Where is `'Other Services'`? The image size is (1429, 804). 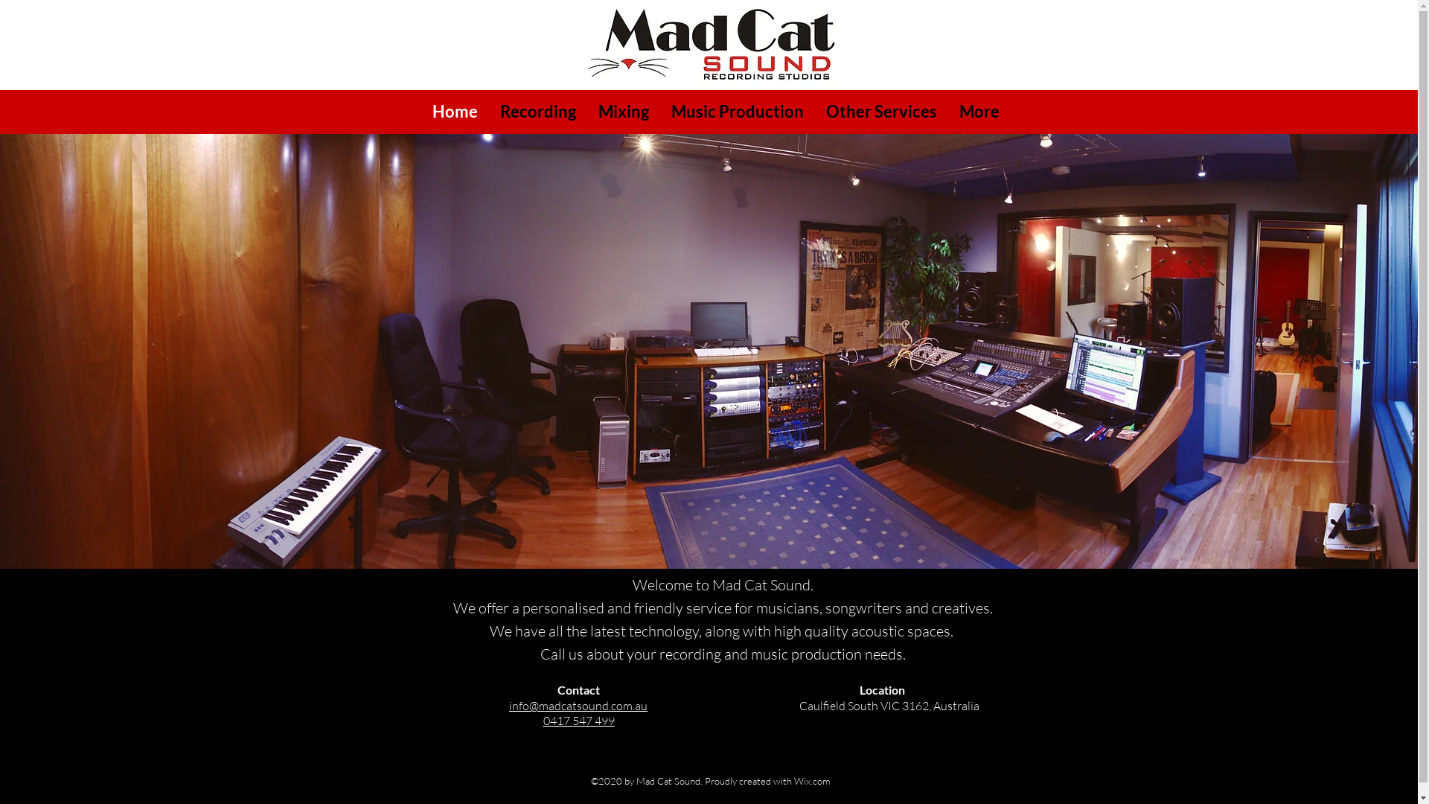 'Other Services' is located at coordinates (880, 111).